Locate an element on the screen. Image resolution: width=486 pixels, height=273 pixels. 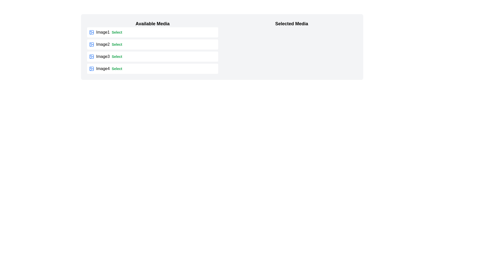
the selection button located in the second row of a vertical list to underline the text is located at coordinates (116, 44).